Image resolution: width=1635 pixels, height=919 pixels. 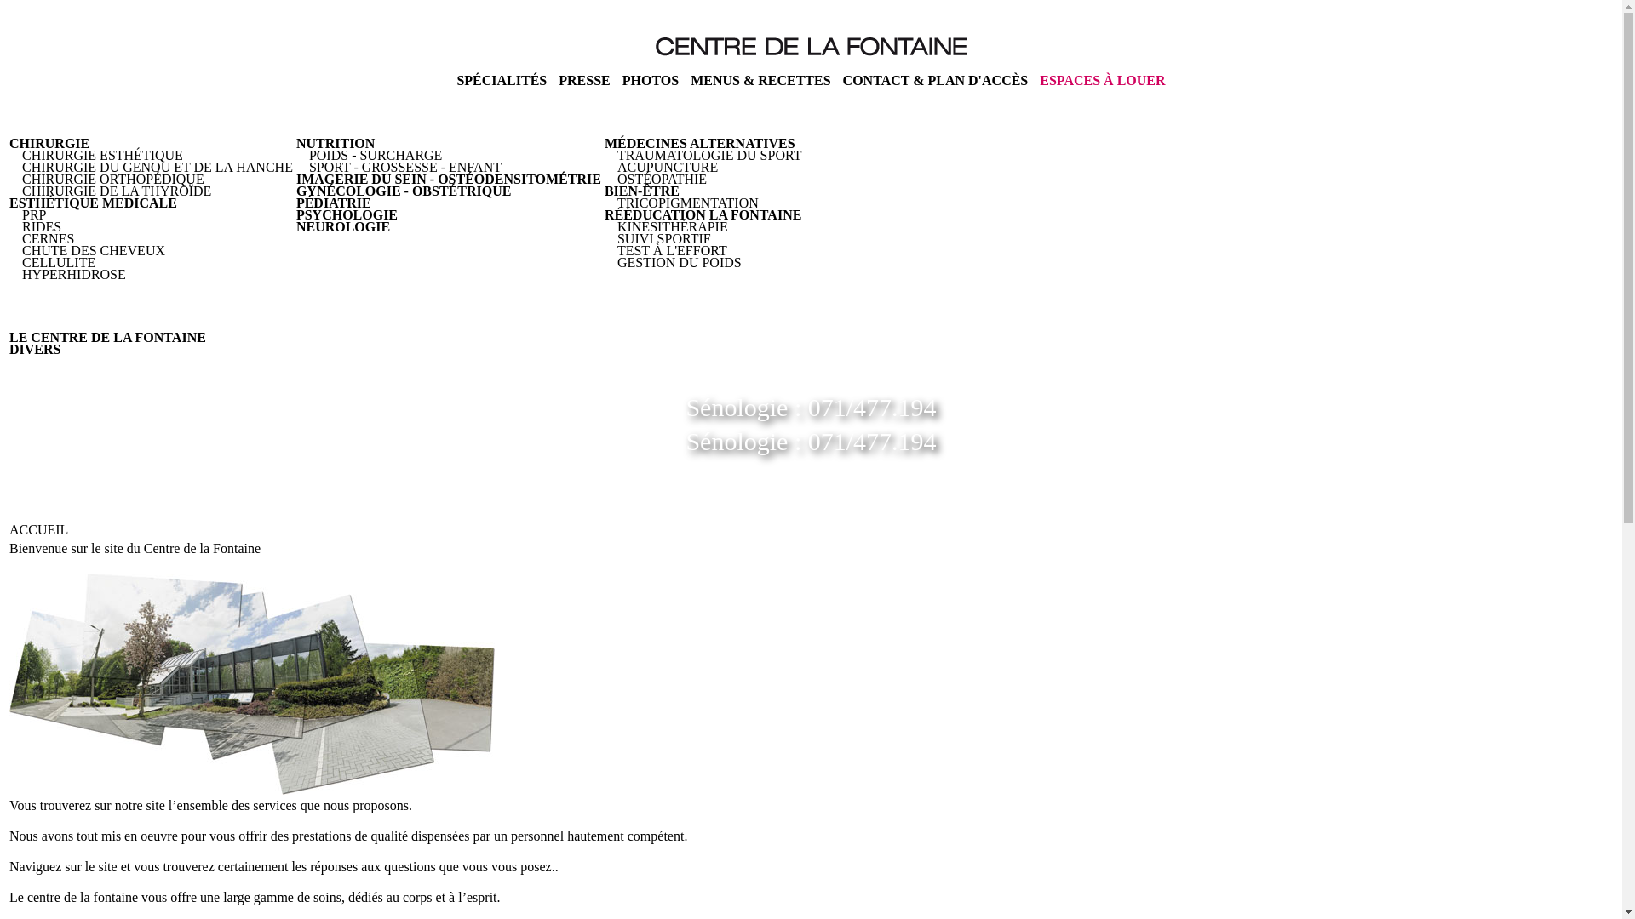 I want to click on 'CERNES', so click(x=48, y=238).